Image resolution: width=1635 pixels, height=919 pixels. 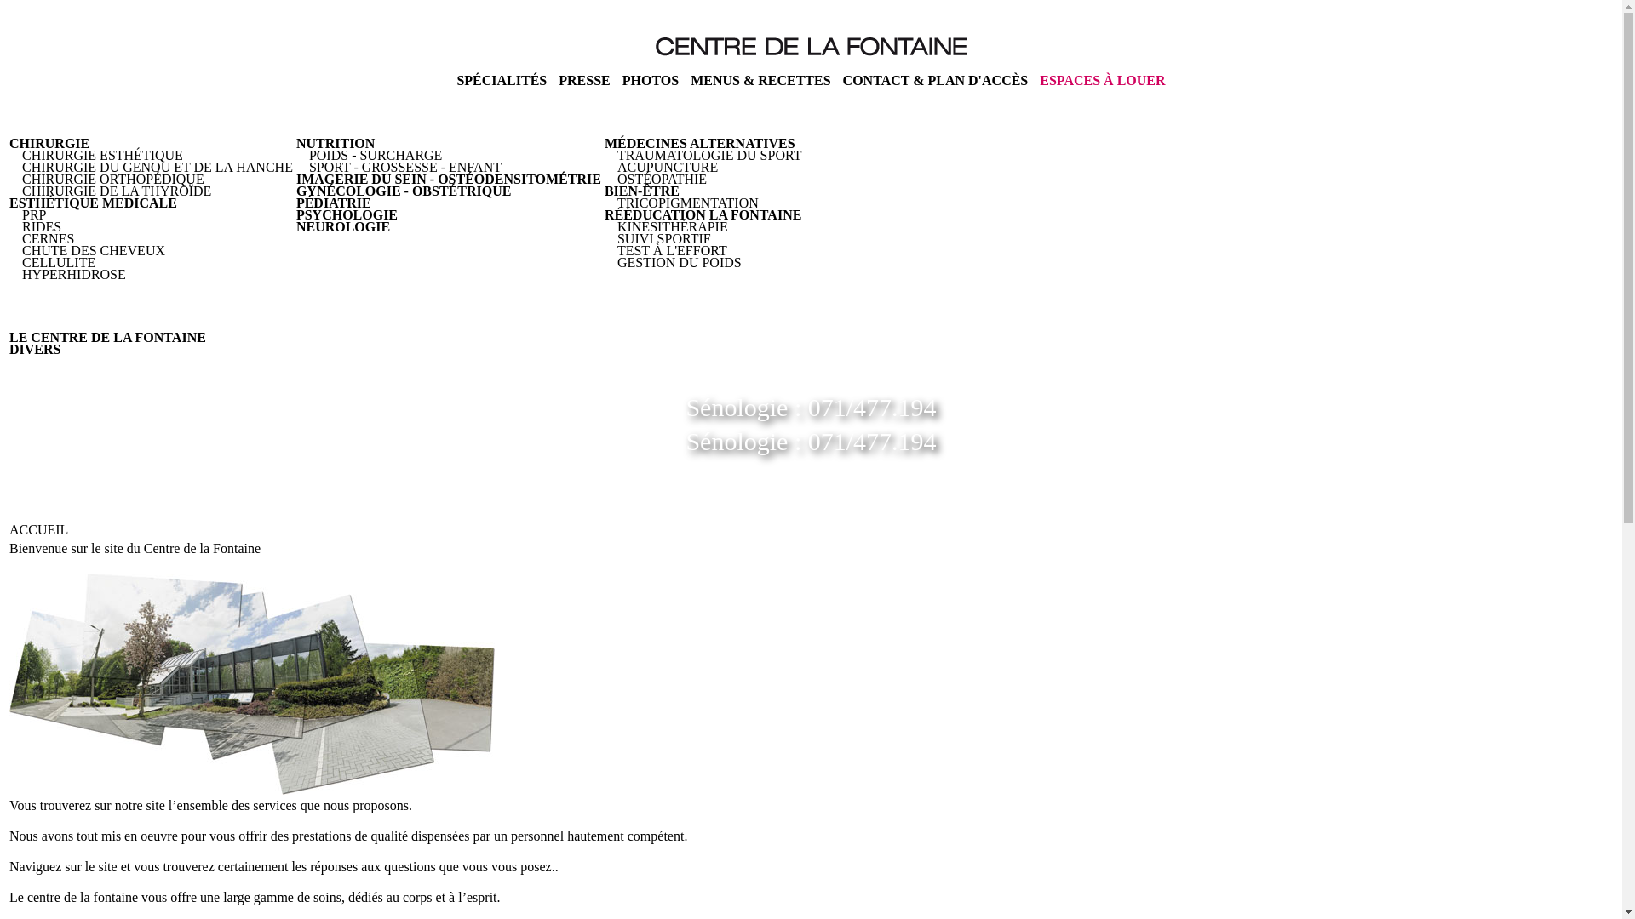 I want to click on 'CERNES', so click(x=48, y=238).